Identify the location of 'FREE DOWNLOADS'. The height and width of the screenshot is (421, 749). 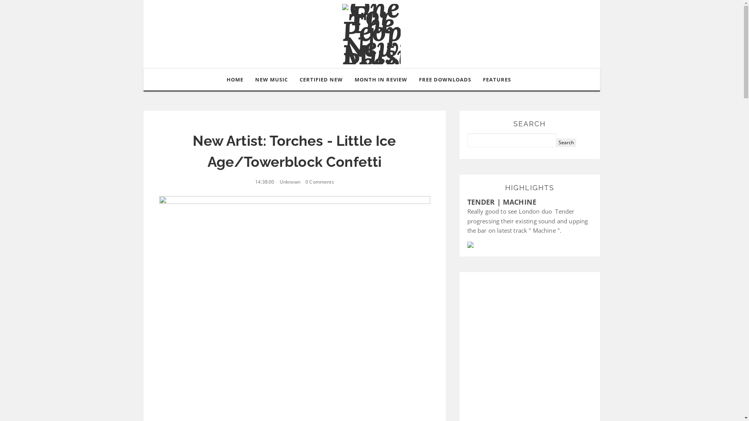
(445, 80).